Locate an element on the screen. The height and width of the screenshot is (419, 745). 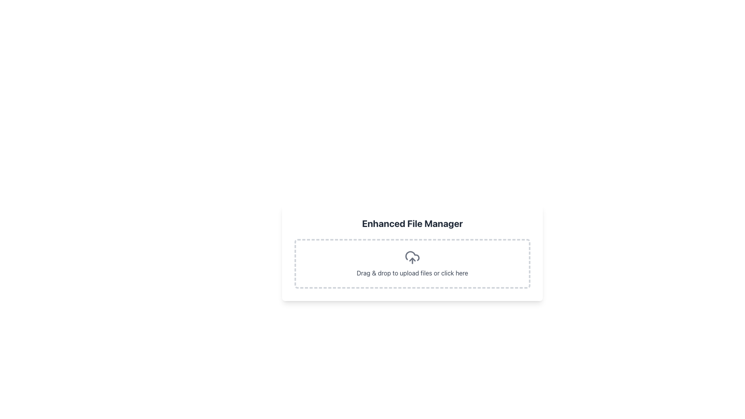
the cloud-shaped upload icon with an upward-pointing arrow is located at coordinates (412, 257).